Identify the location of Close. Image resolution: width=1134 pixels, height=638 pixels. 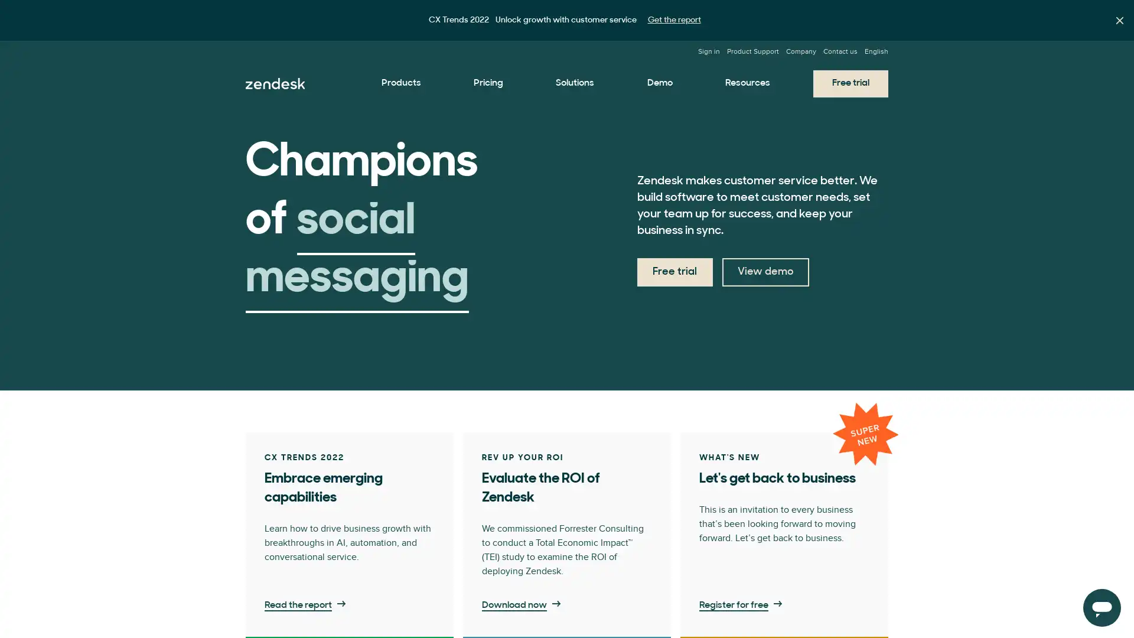
(1119, 20).